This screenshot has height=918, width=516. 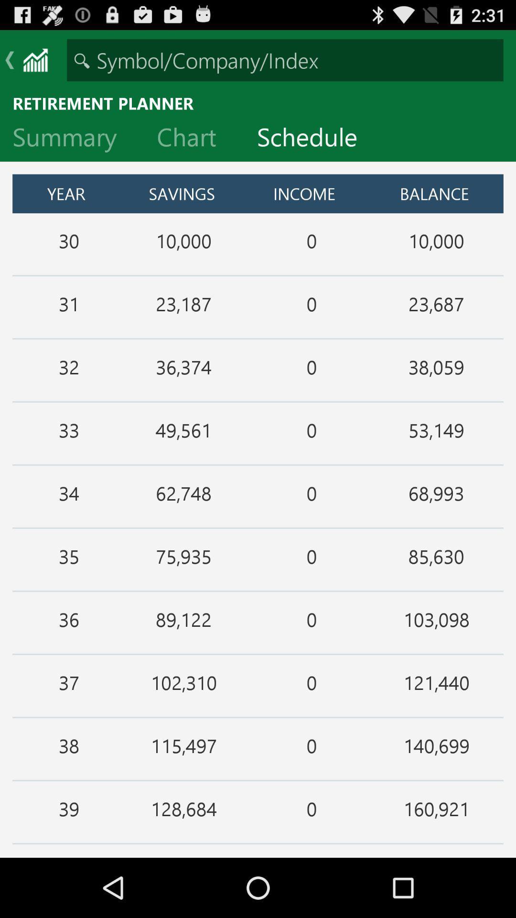 What do you see at coordinates (193, 139) in the screenshot?
I see `the item next to the schedule` at bounding box center [193, 139].